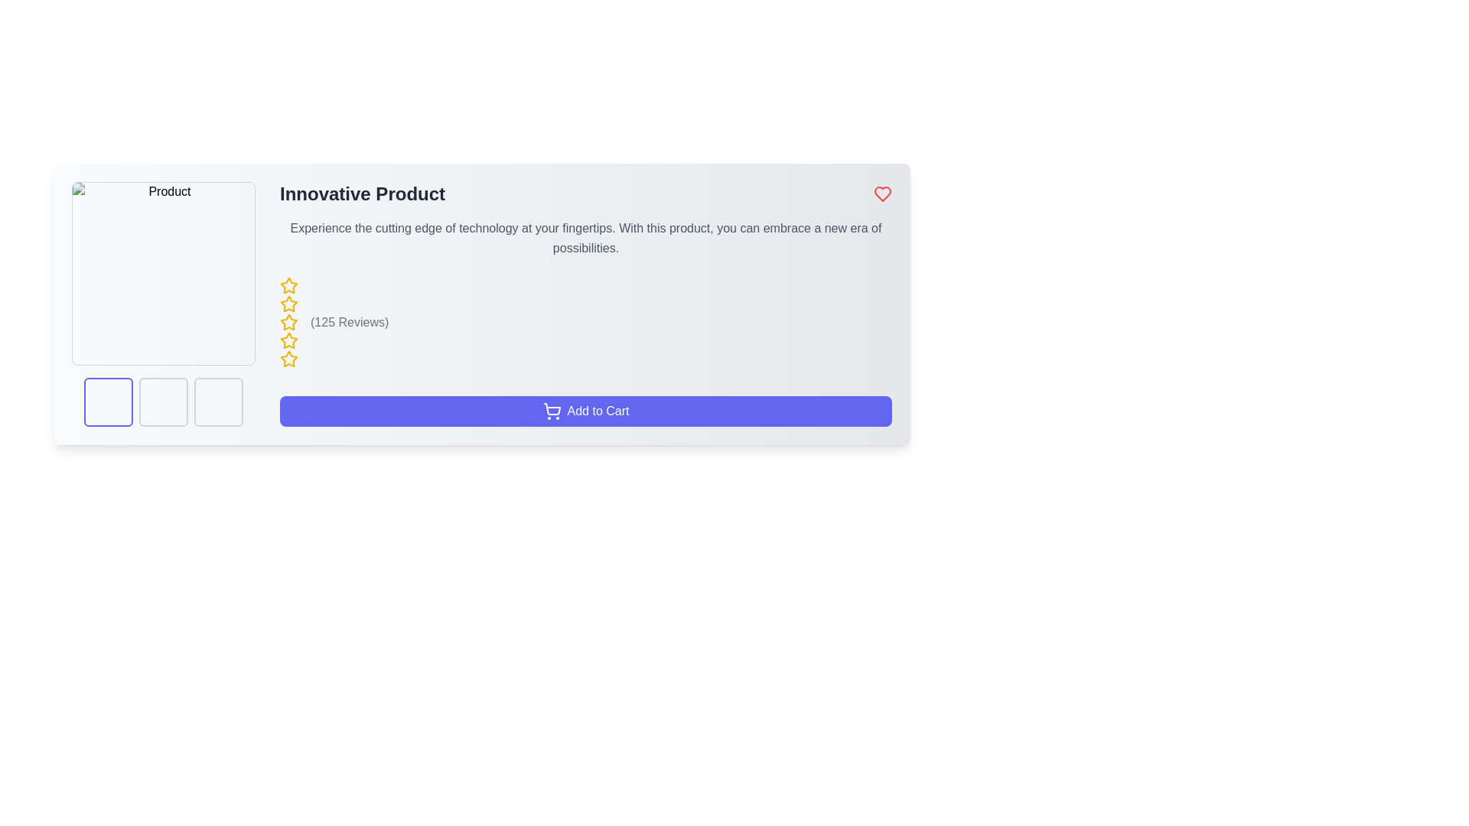  I want to click on the second star in the star rating icon array, so click(289, 321).